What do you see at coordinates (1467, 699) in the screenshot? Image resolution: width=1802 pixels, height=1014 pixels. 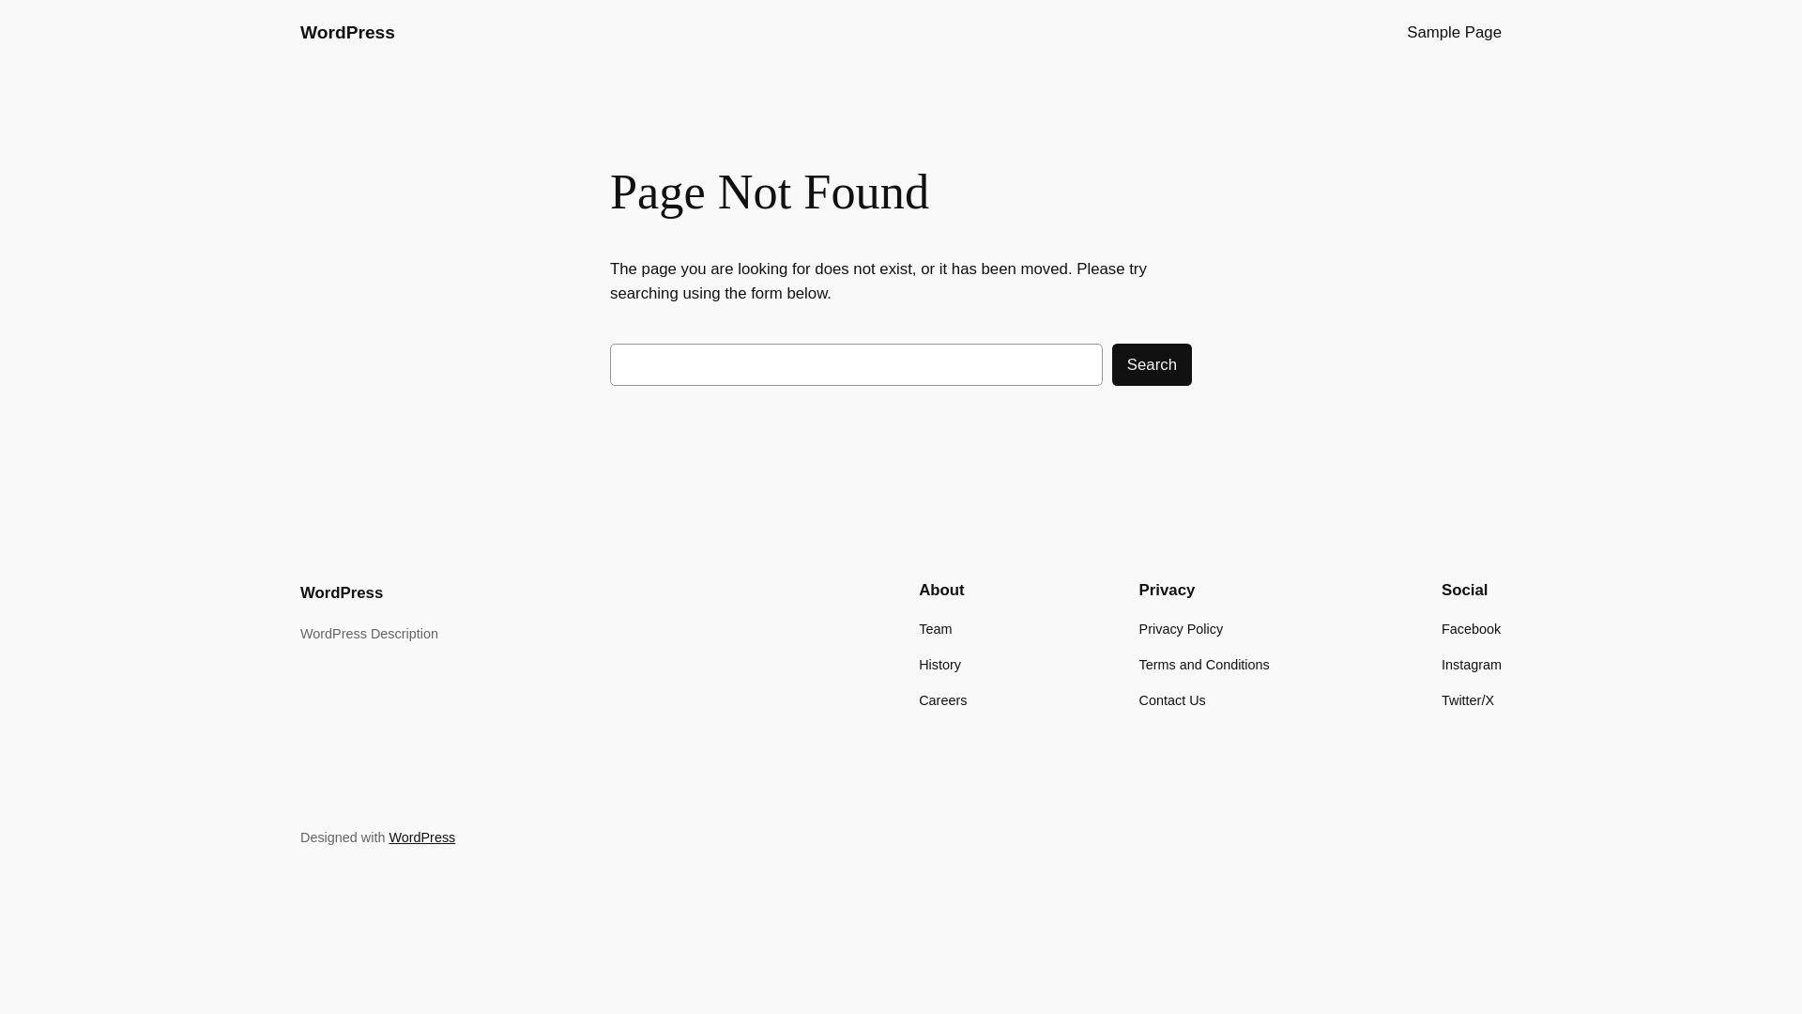 I see `'Twitter/X'` at bounding box center [1467, 699].